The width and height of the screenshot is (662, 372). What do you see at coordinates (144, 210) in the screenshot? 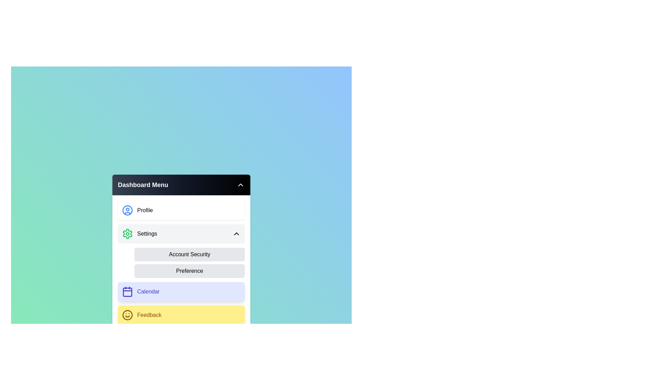
I see `the 'Profile' text label located near the top section of the dashboard menu, adjacent to the user profile icon` at bounding box center [144, 210].